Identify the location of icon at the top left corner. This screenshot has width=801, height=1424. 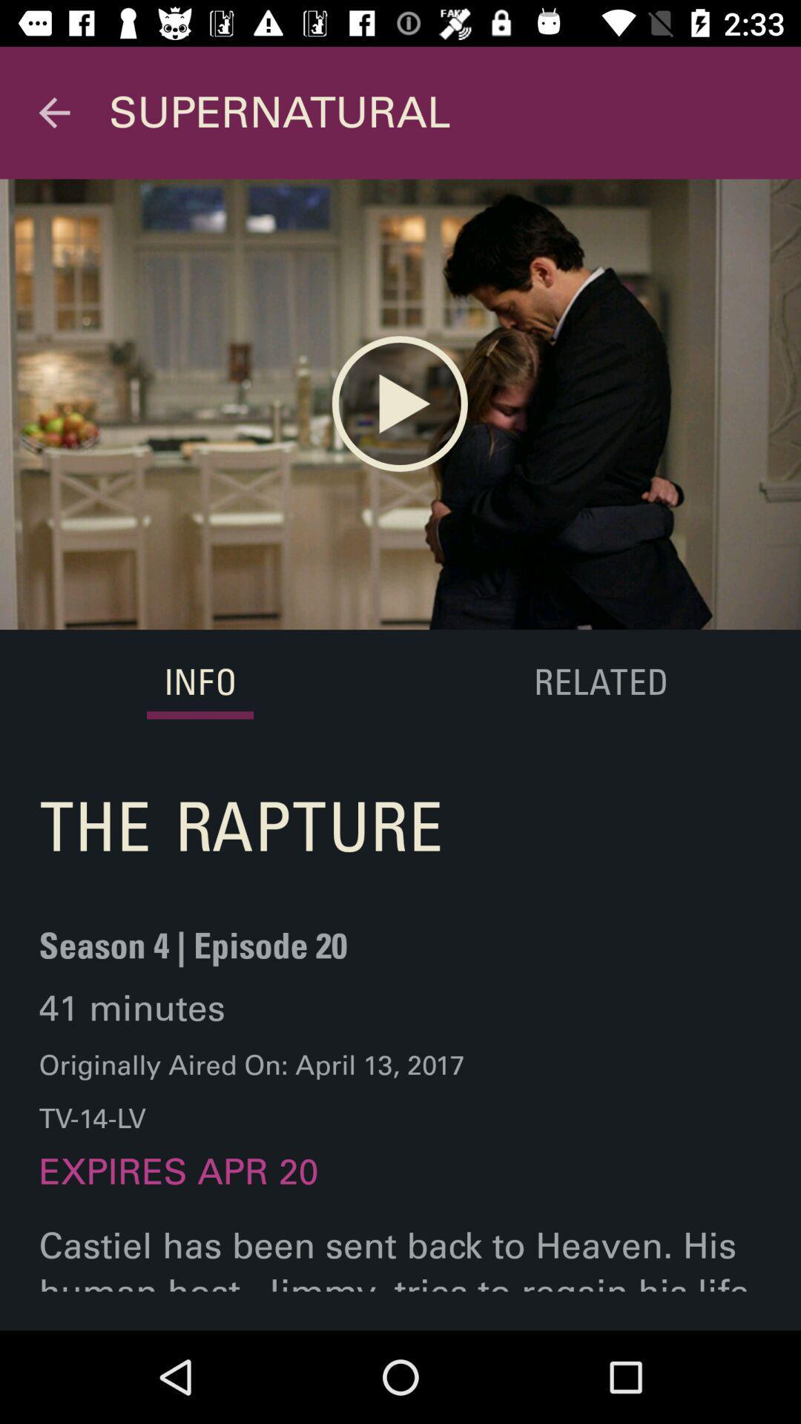
(53, 112).